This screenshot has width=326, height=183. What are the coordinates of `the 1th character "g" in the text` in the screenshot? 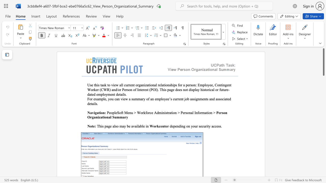 It's located at (184, 126).